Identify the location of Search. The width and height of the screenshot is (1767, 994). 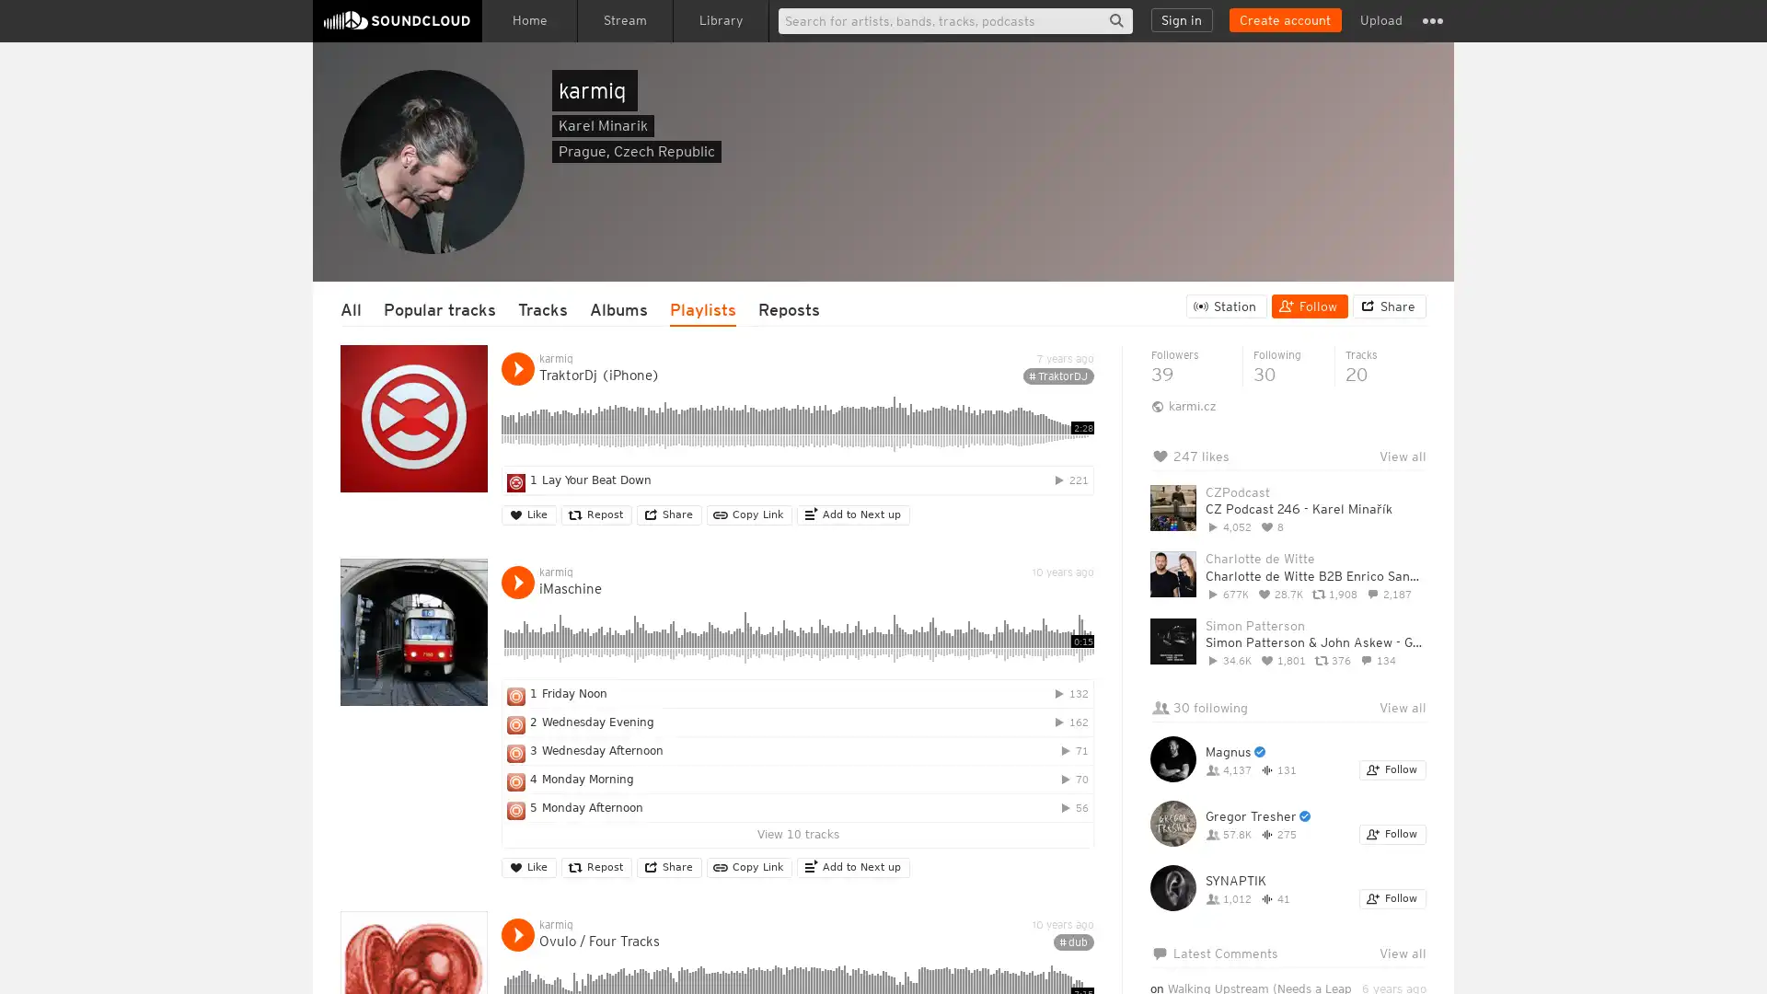
(1115, 20).